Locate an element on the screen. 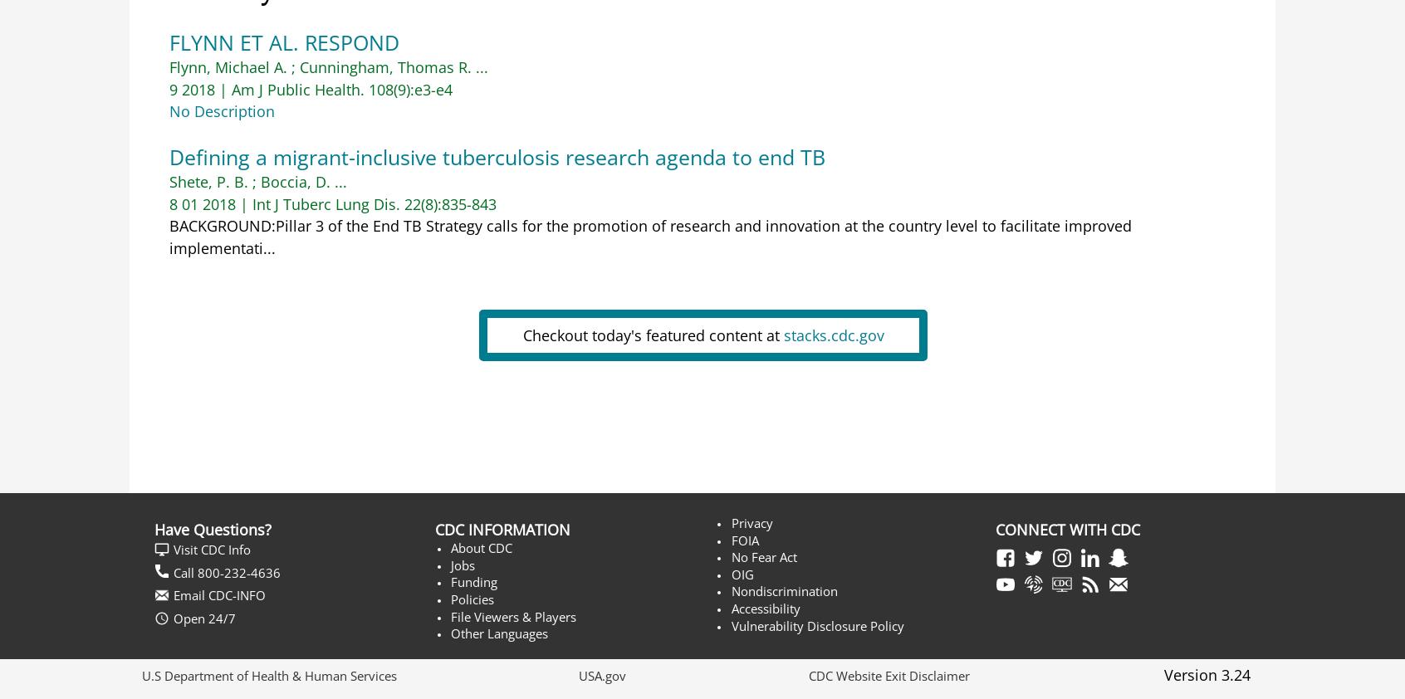  'Shete, P. B.' is located at coordinates (208, 182).